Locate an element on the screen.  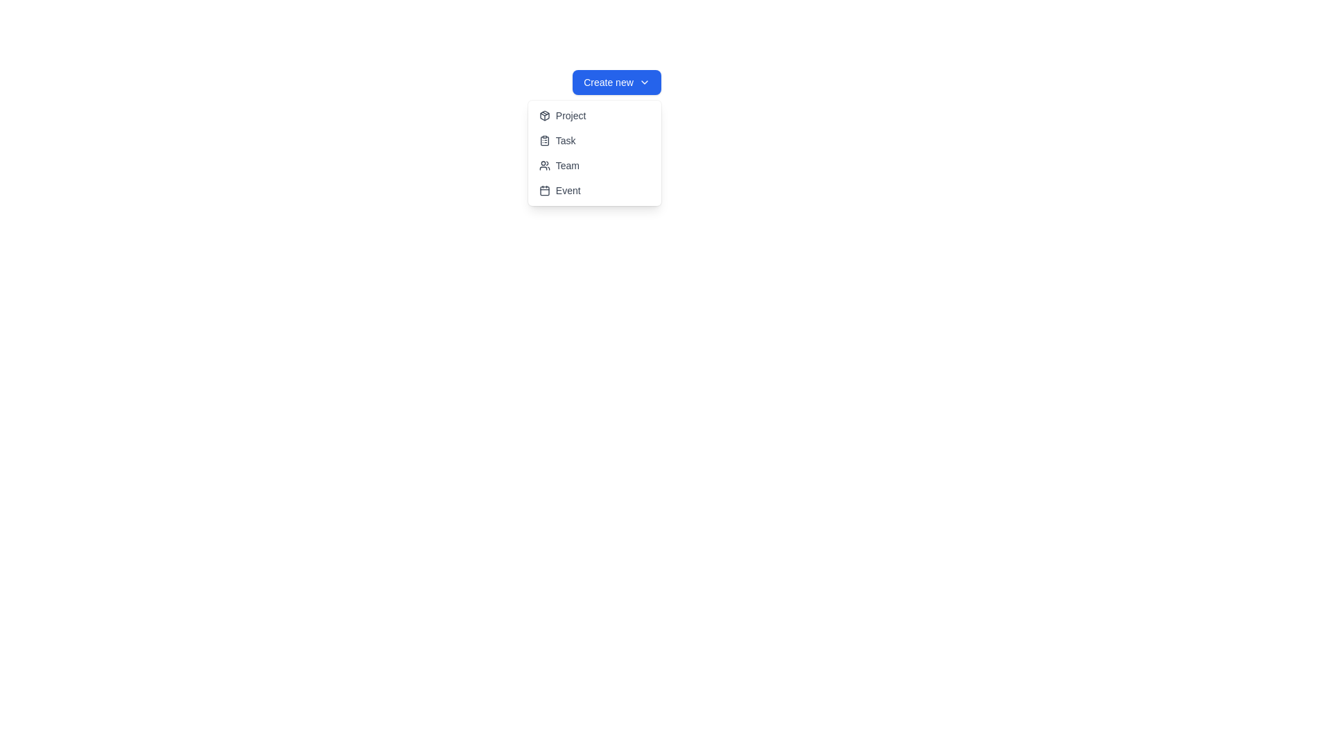
the user group icon in the dropdown menu under the 'Create new' button, specifically located to the left of the 'Team' label is located at coordinates (543, 165).